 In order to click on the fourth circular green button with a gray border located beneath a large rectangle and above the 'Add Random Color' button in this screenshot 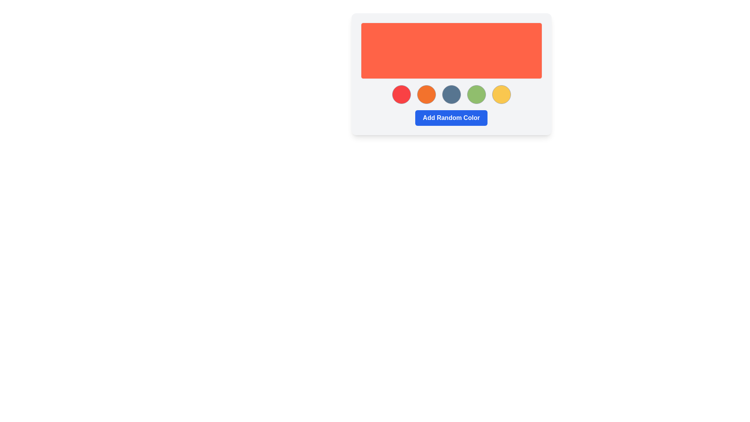, I will do `click(476, 94)`.